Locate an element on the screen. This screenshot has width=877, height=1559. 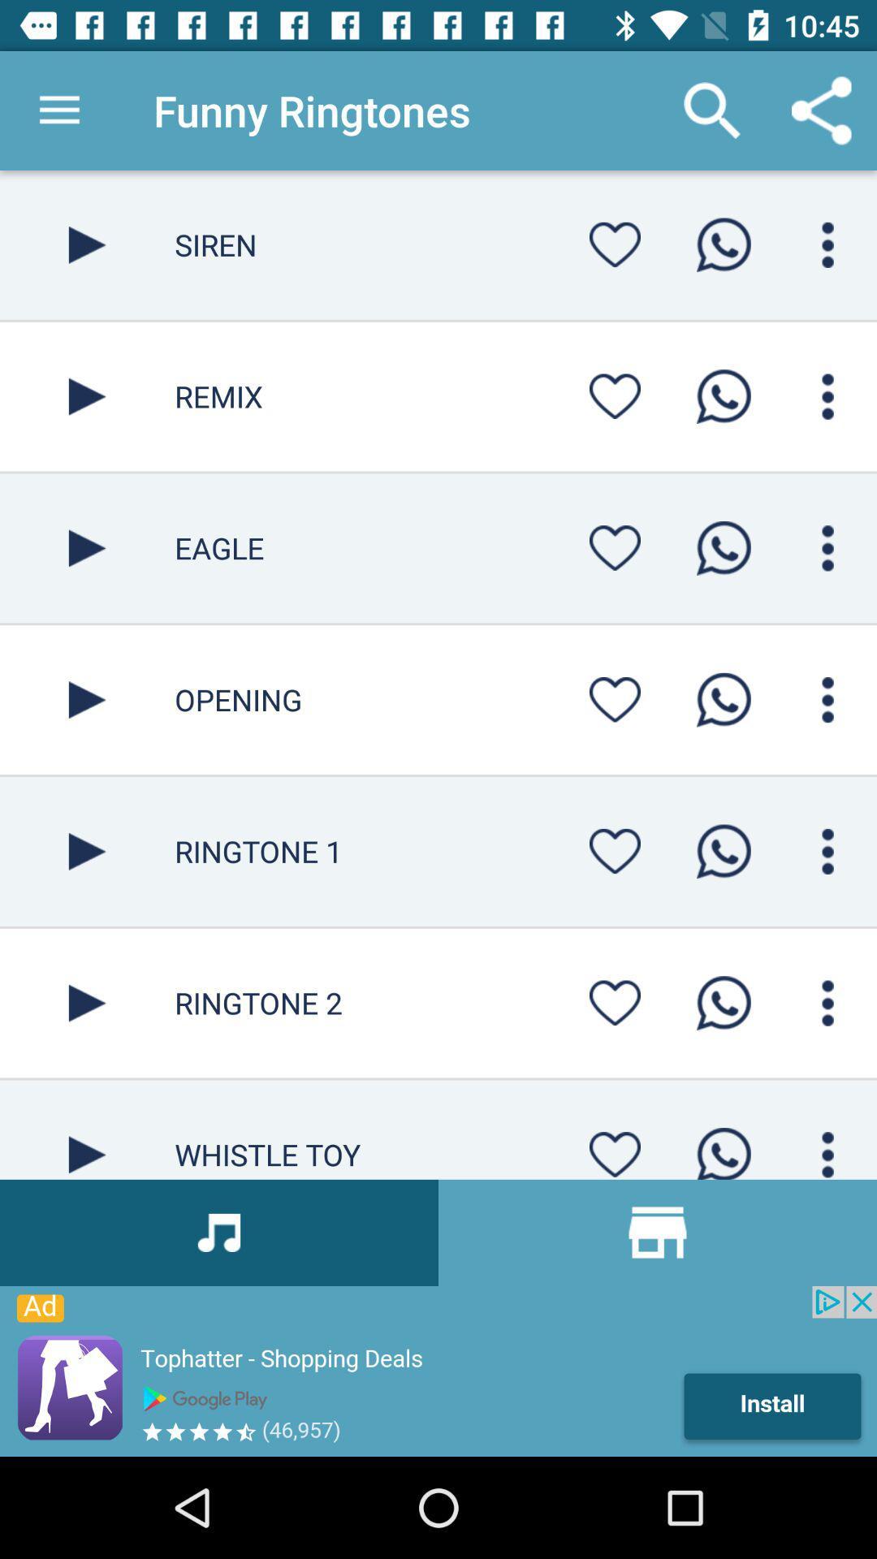
like option is located at coordinates (615, 244).